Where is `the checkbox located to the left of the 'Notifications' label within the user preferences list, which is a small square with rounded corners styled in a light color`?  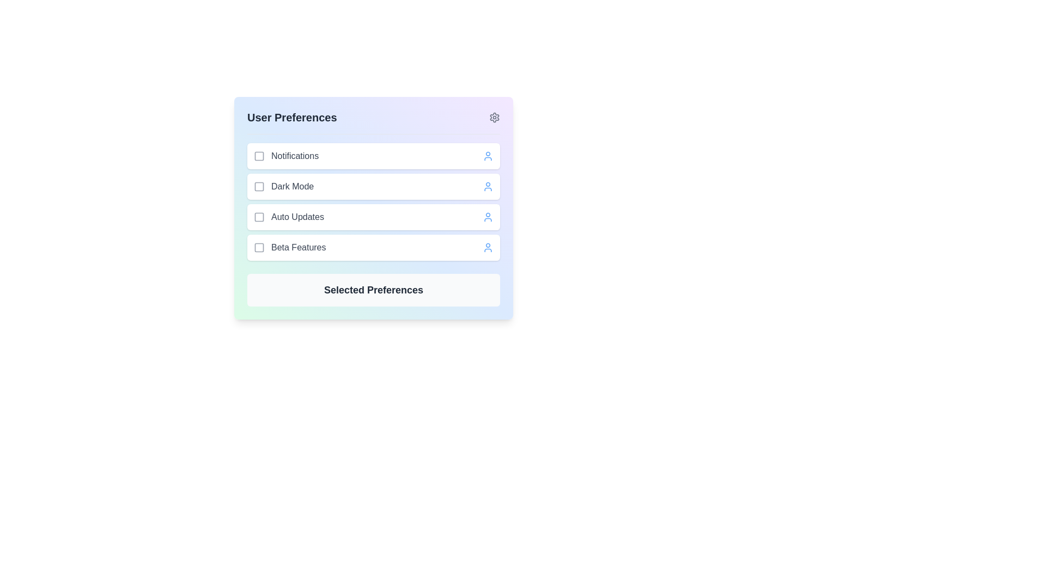
the checkbox located to the left of the 'Notifications' label within the user preferences list, which is a small square with rounded corners styled in a light color is located at coordinates (258, 156).